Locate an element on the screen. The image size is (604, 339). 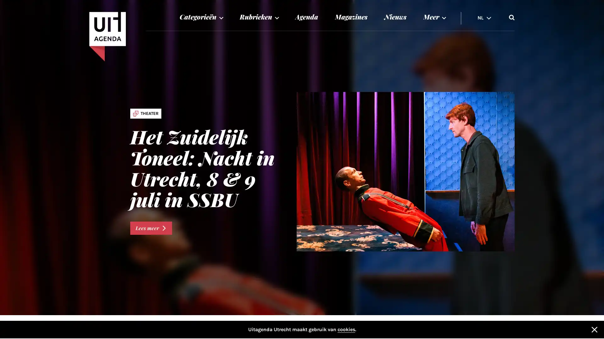
Zoeken is located at coordinates (512, 17).